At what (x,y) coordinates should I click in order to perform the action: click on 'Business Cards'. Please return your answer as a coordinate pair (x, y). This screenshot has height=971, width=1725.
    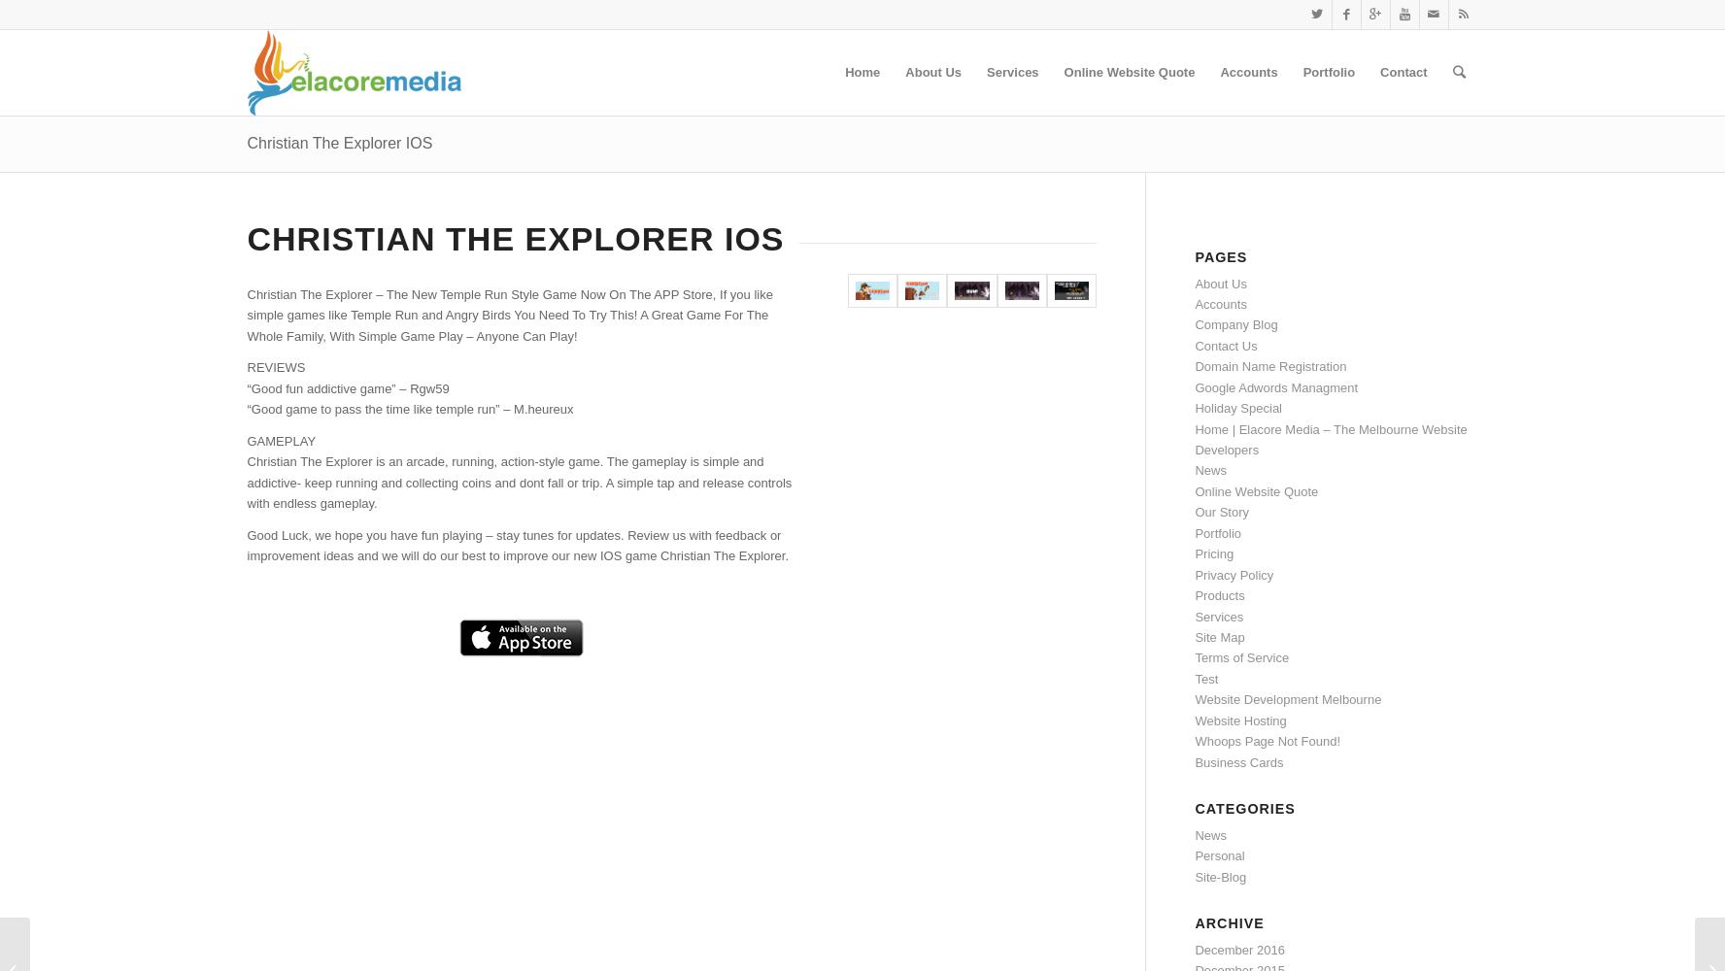
    Looking at the image, I should click on (1238, 761).